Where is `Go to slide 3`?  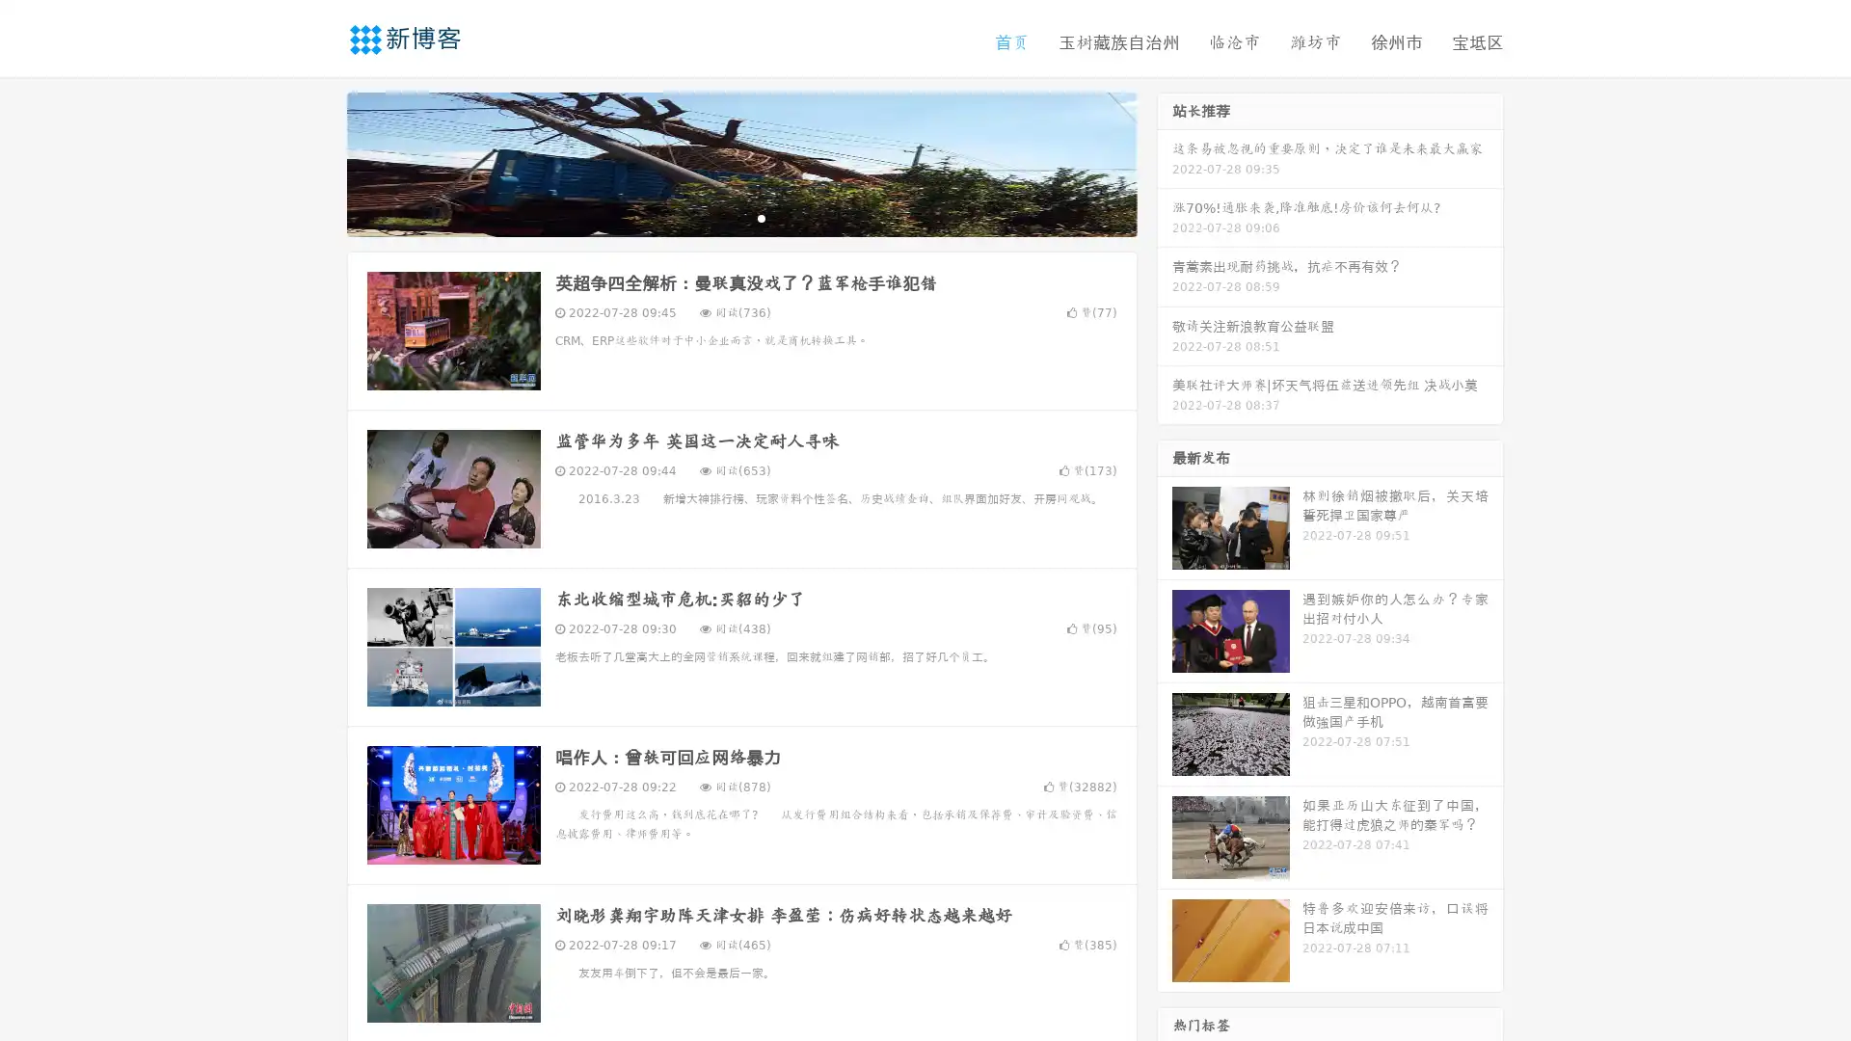 Go to slide 3 is located at coordinates (761, 217).